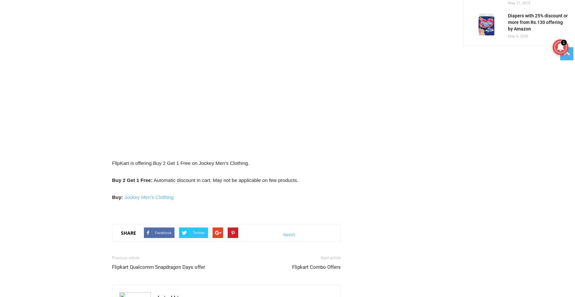 The width and height of the screenshot is (575, 297). What do you see at coordinates (117, 197) in the screenshot?
I see `'Buy:'` at bounding box center [117, 197].